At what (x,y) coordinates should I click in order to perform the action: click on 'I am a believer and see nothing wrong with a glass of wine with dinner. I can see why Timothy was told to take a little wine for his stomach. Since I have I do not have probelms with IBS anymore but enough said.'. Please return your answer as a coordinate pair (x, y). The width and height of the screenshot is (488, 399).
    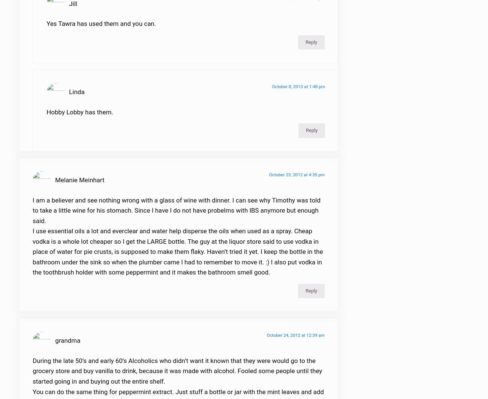
    Looking at the image, I should click on (176, 214).